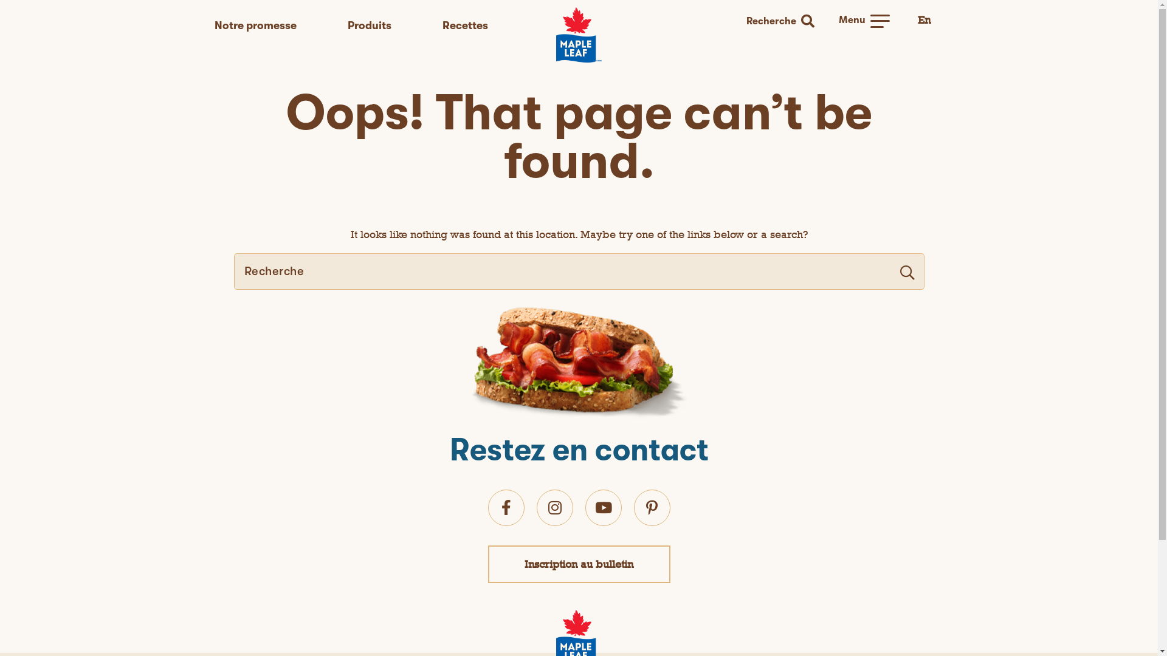  What do you see at coordinates (742, 21) in the screenshot?
I see `'Recherche'` at bounding box center [742, 21].